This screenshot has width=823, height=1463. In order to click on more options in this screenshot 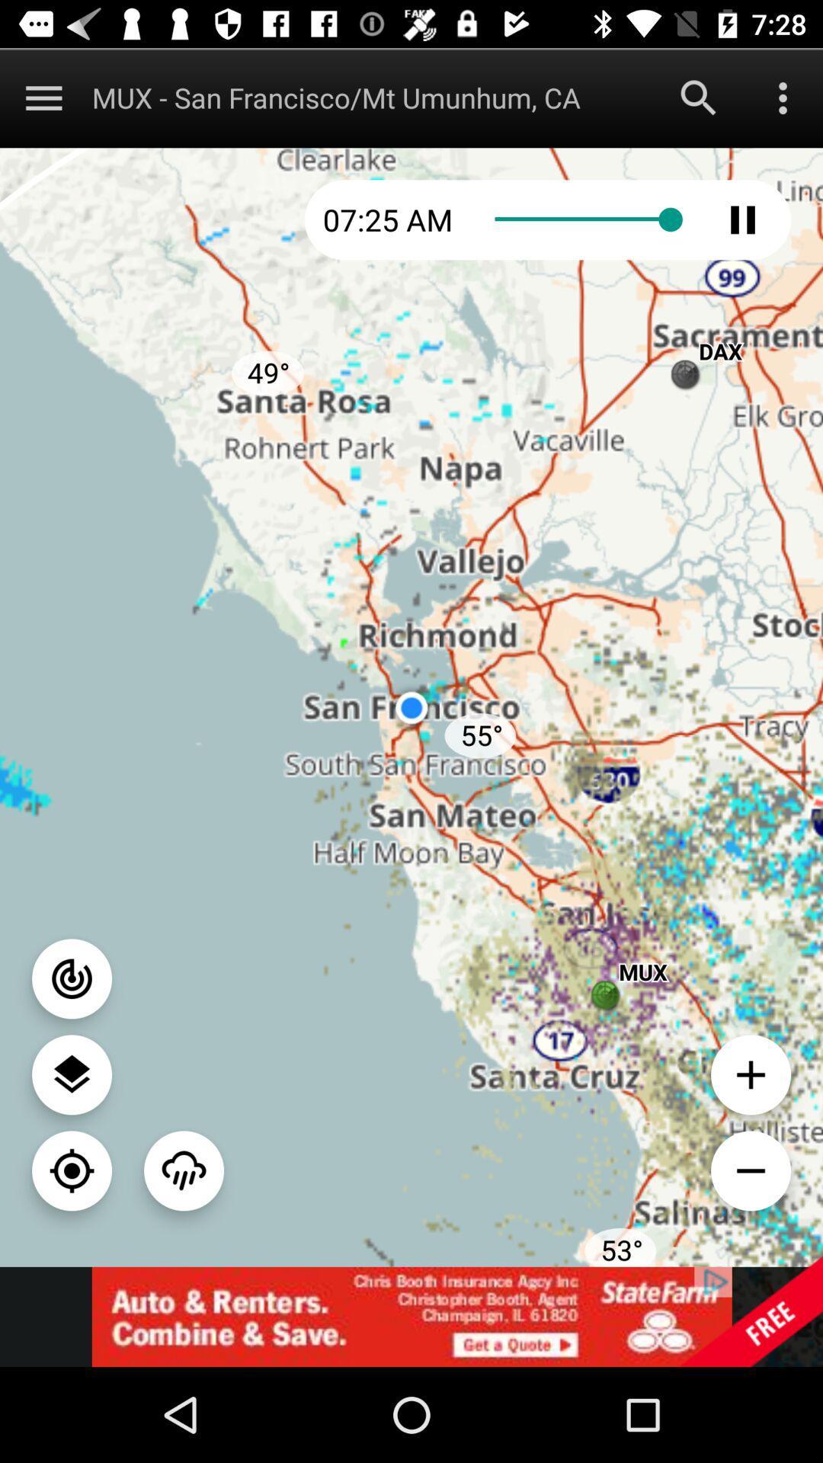, I will do `click(43, 97)`.